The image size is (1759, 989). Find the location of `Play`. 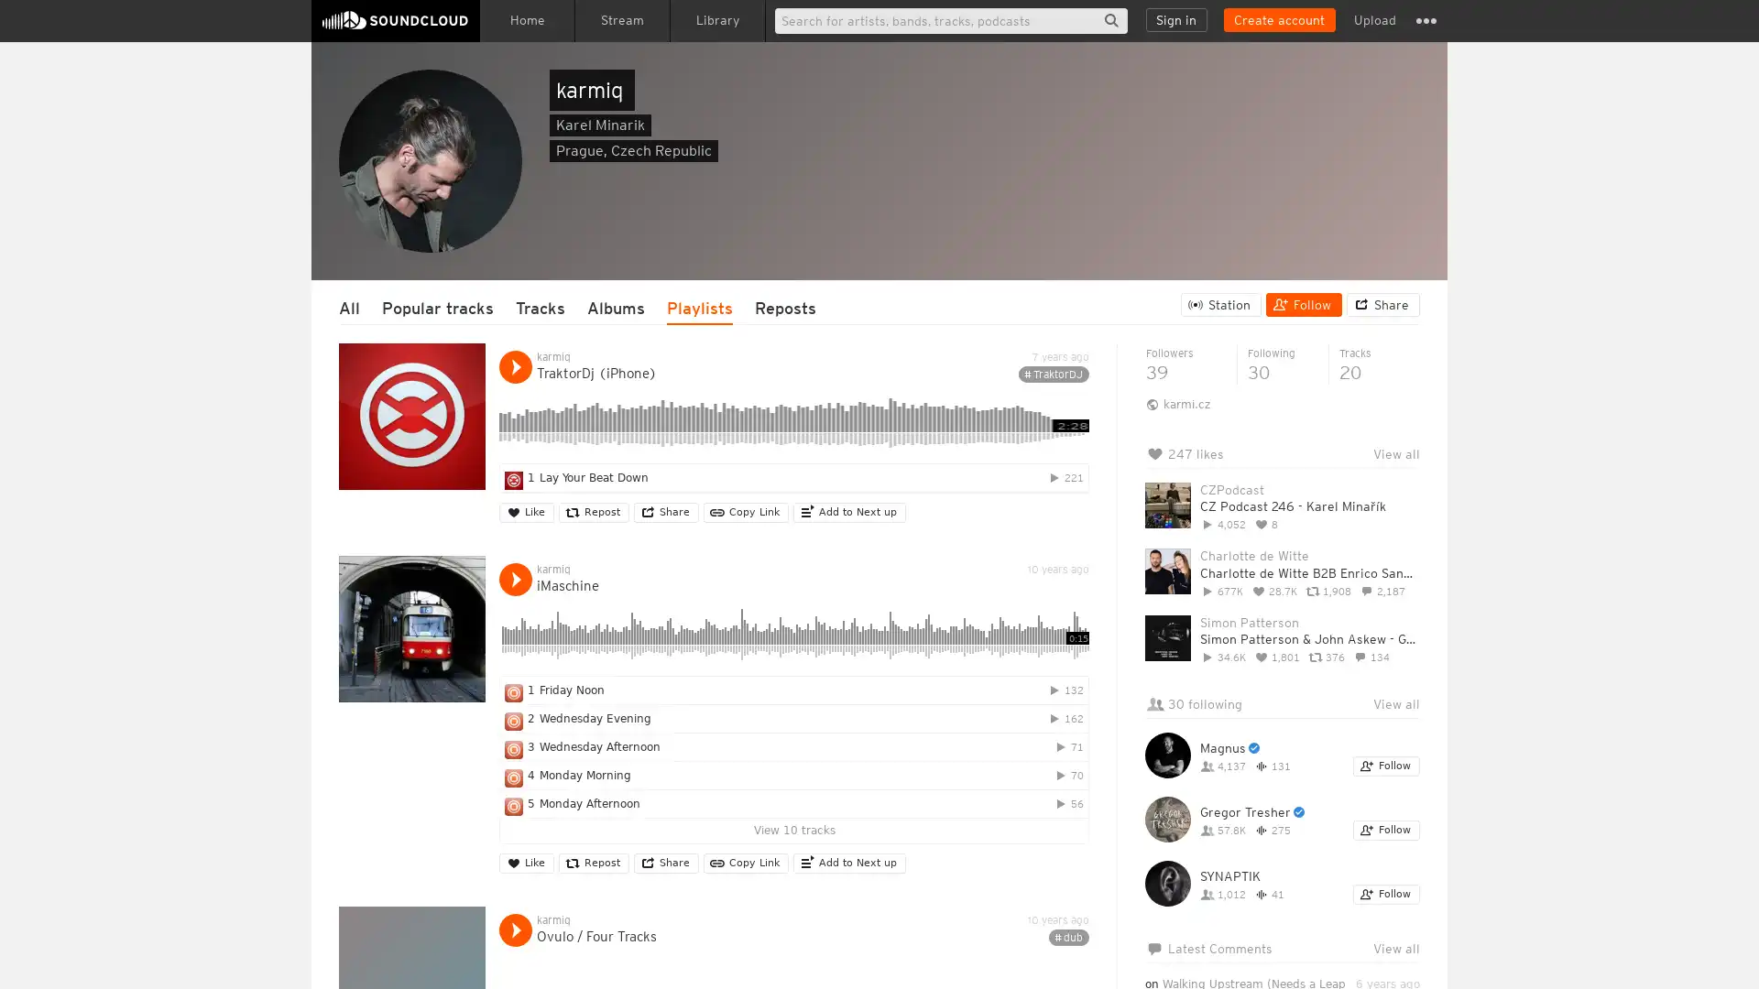

Play is located at coordinates (514, 929).